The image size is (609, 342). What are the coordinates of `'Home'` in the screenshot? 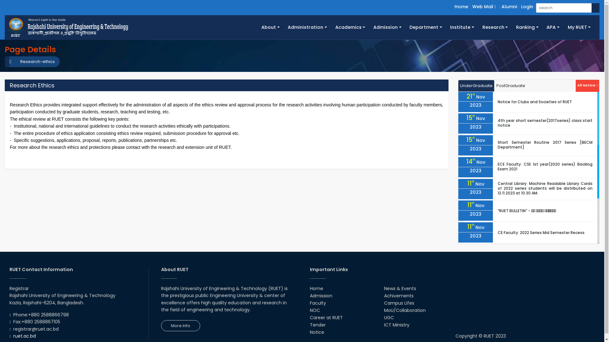 It's located at (461, 6).